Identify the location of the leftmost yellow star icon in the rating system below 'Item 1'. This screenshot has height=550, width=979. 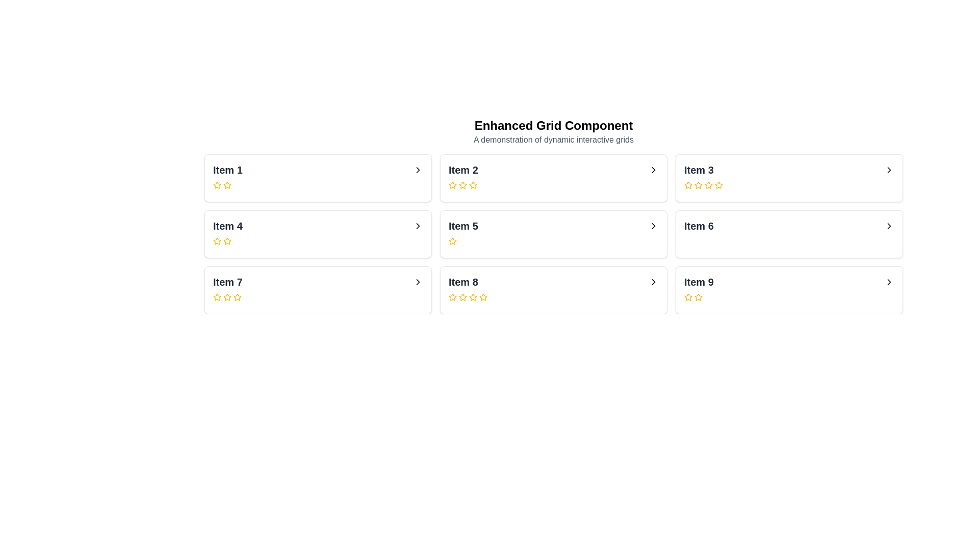
(217, 185).